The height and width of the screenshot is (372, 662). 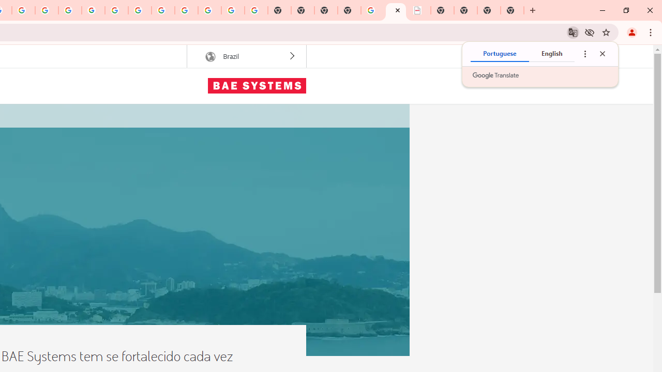 I want to click on 'BAE Systems Brasil | BAE Systems', so click(x=419, y=10).